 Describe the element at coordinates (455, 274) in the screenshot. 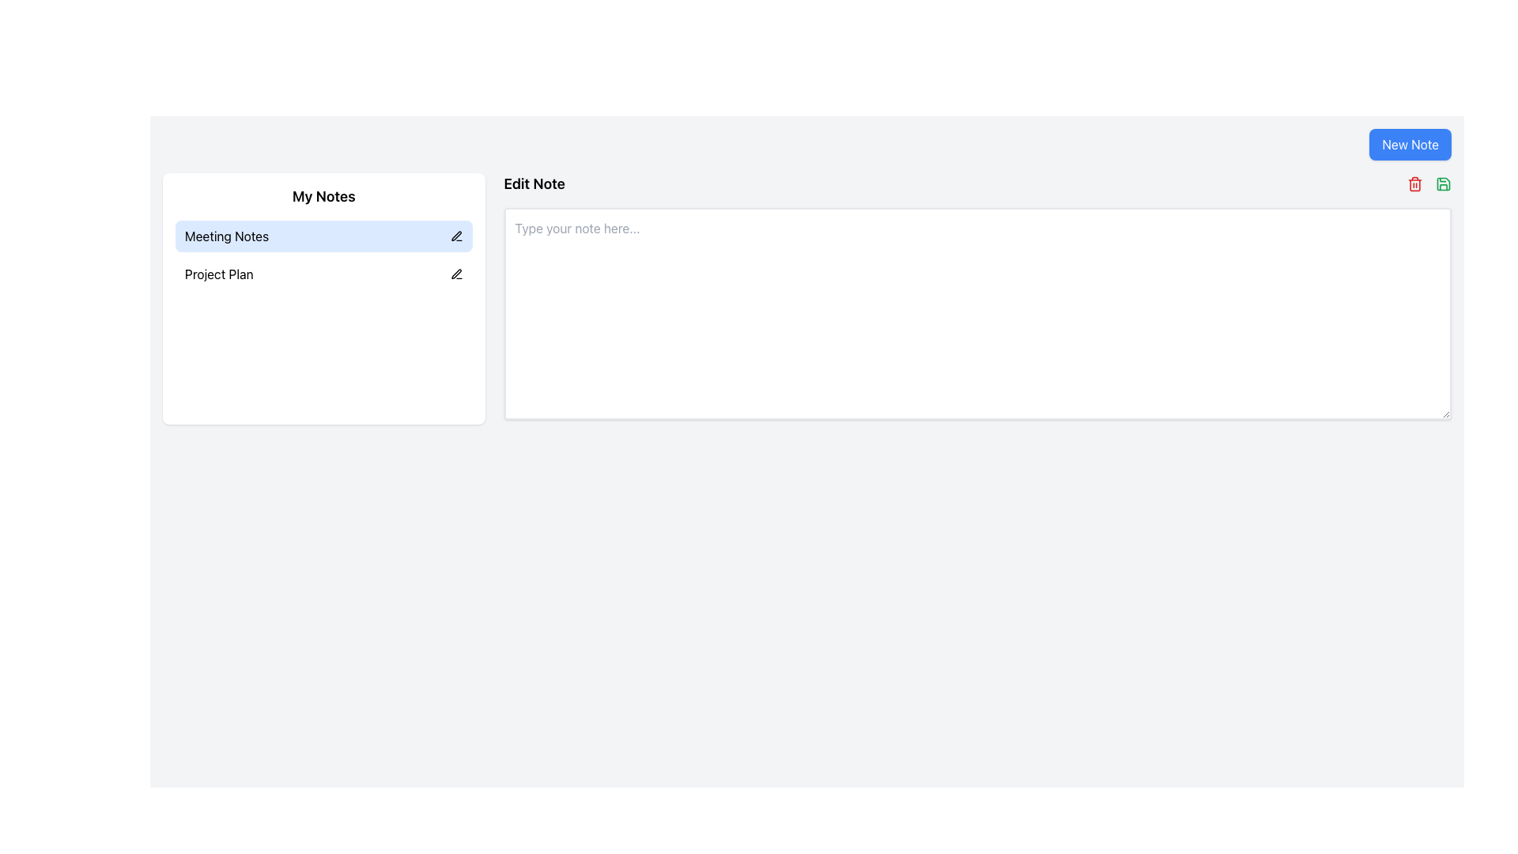

I see `the pen icon located at the far-right side of the 'Project Plan' row in the 'My Notes' section to initiate an edit action` at that location.